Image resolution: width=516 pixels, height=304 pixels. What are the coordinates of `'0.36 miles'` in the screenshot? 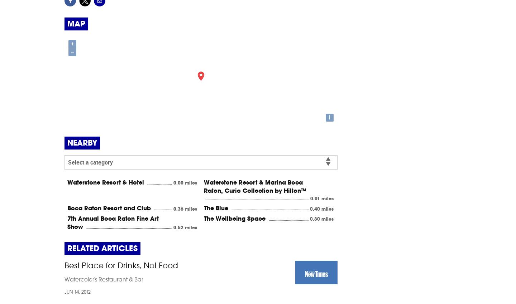 It's located at (185, 209).